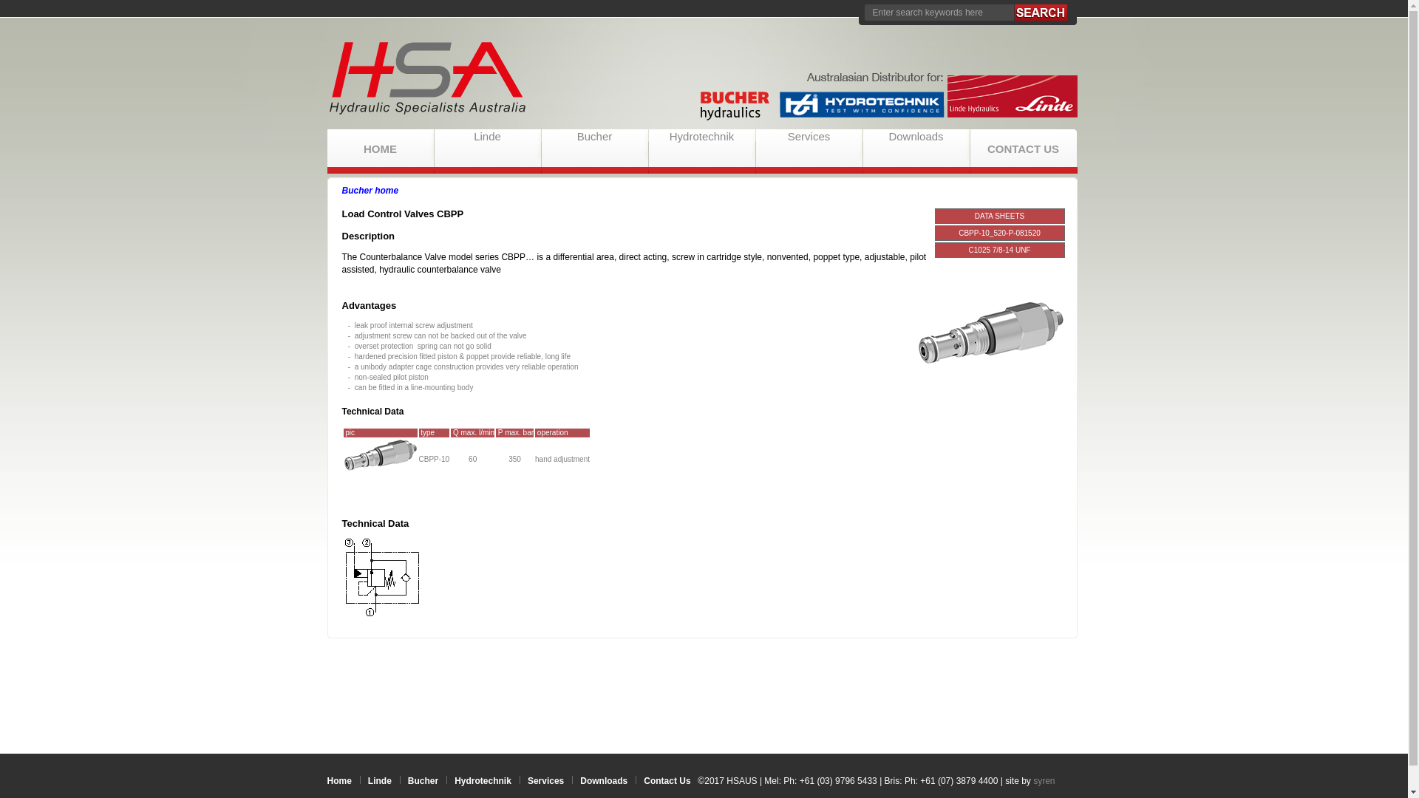 The height and width of the screenshot is (798, 1419). I want to click on 'Services', so click(808, 136).